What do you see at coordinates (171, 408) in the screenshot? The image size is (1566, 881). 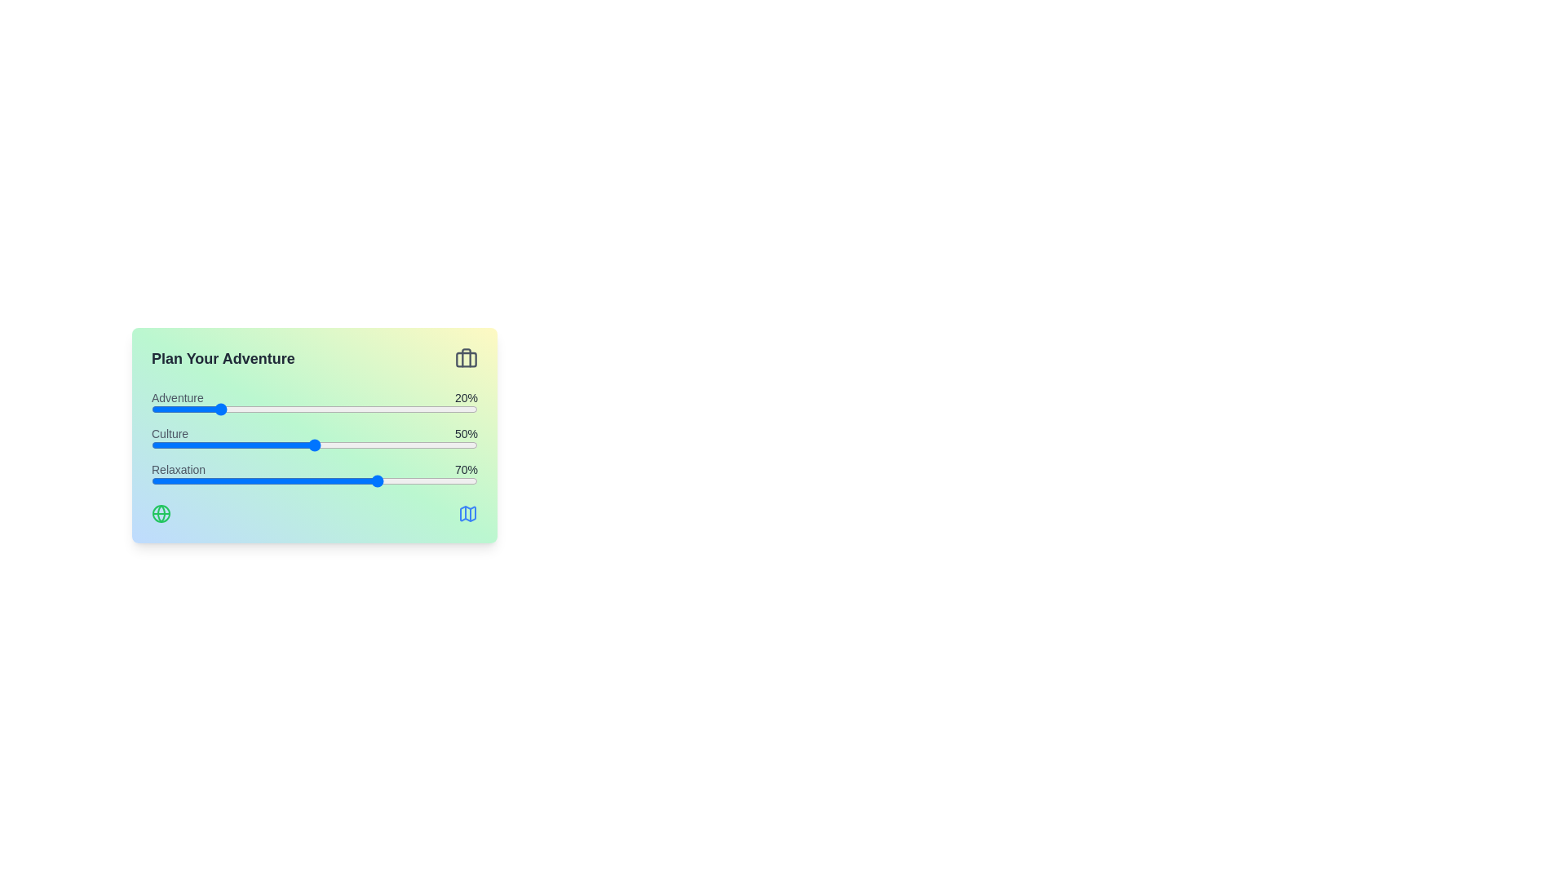 I see `the 'Adventure' slider to 6%` at bounding box center [171, 408].